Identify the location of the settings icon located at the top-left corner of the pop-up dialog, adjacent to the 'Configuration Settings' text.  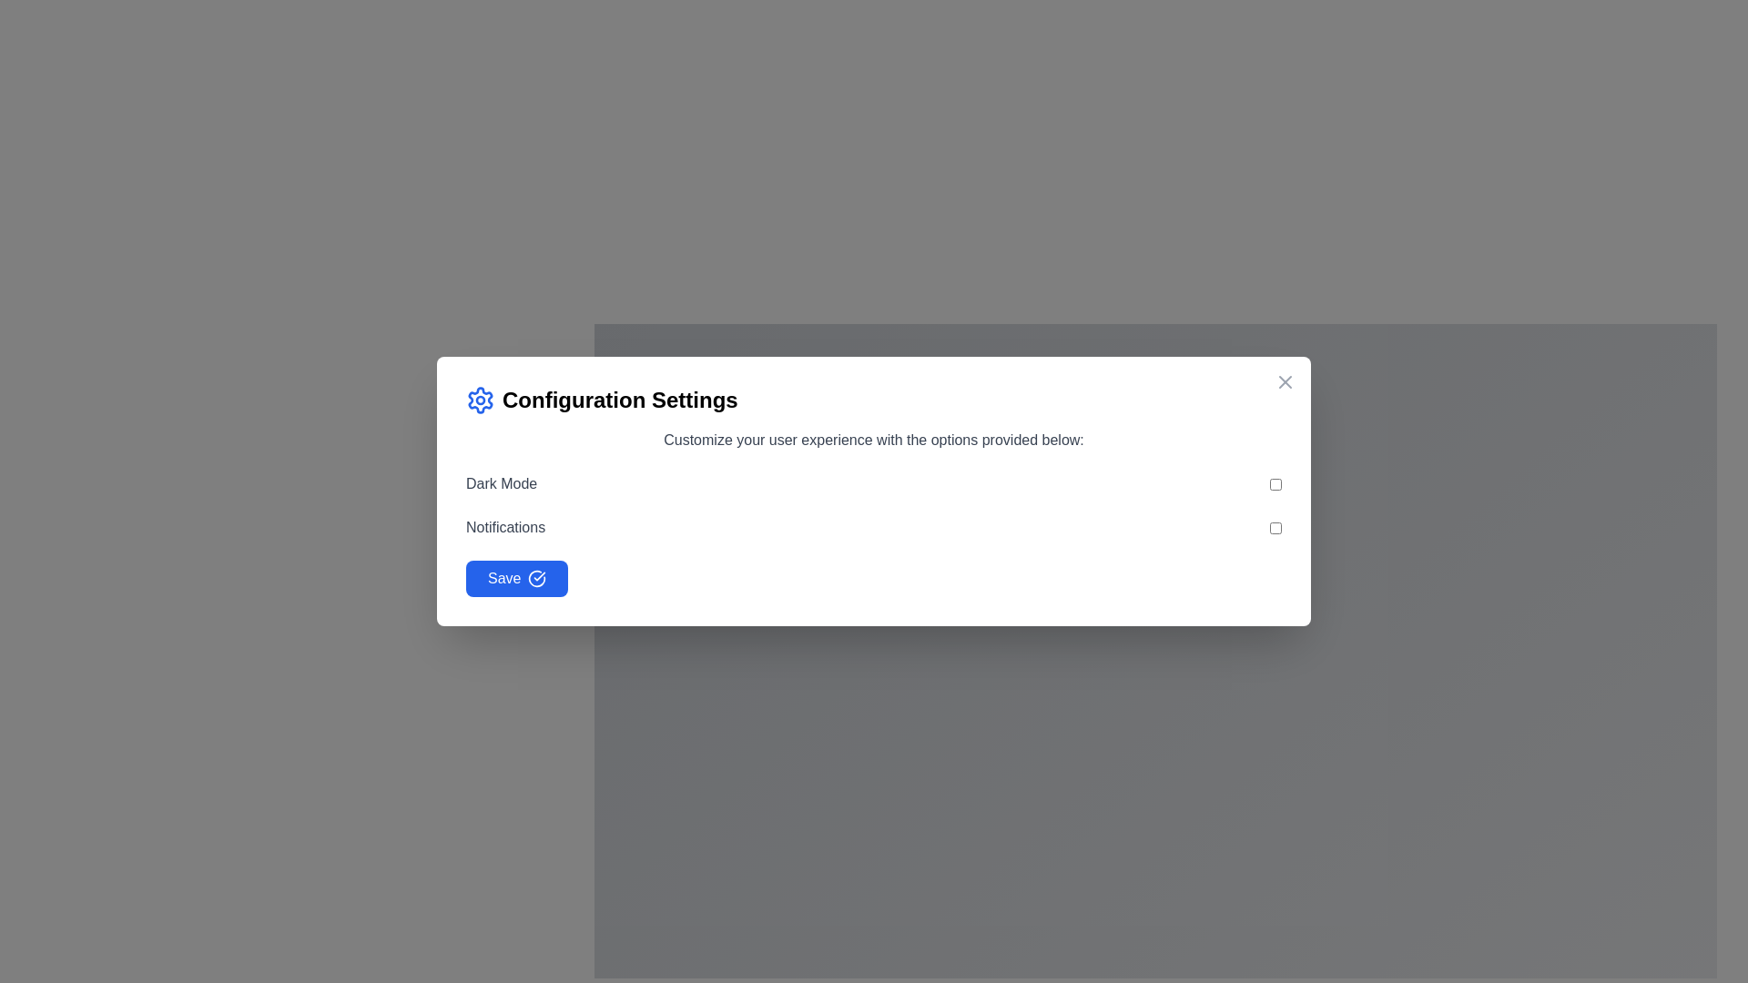
(481, 399).